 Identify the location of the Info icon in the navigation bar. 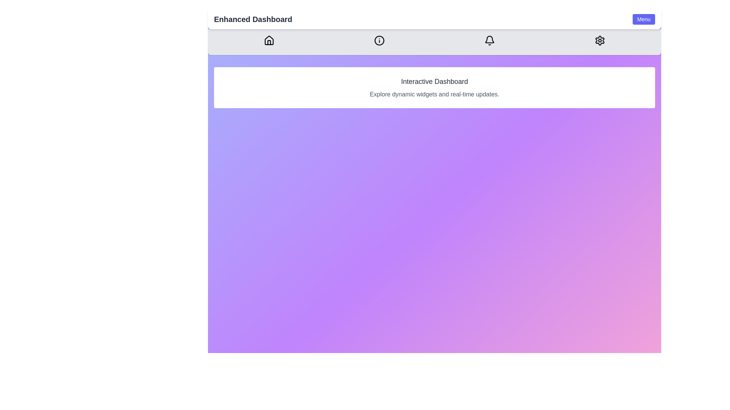
(379, 41).